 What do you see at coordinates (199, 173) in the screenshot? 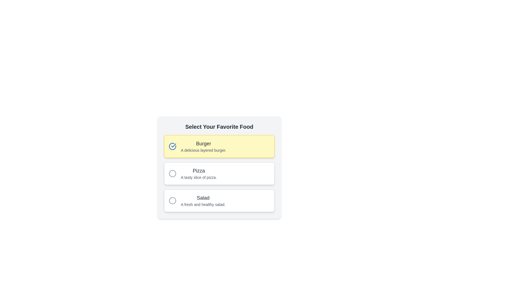
I see `the 'Pizza' option in the selection list of food items, which is the second option located between 'Burger' and 'Salad'` at bounding box center [199, 173].